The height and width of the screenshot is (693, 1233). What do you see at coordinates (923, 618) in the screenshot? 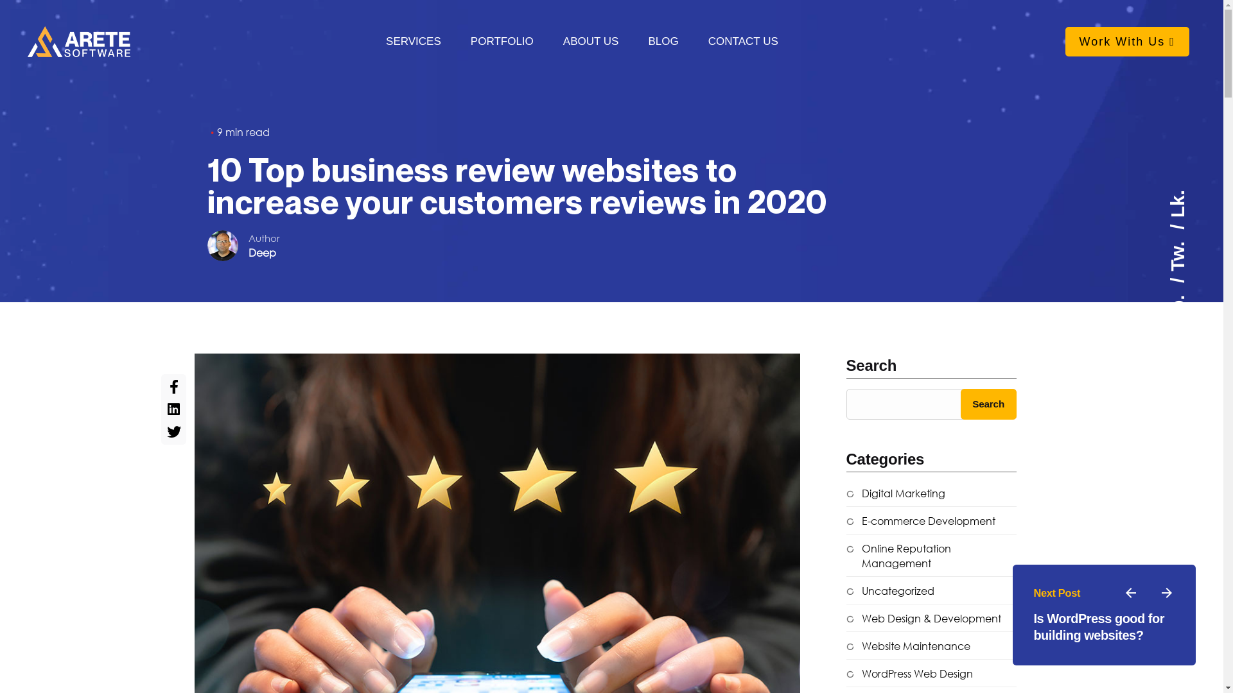
I see `'Web Design & Development'` at bounding box center [923, 618].